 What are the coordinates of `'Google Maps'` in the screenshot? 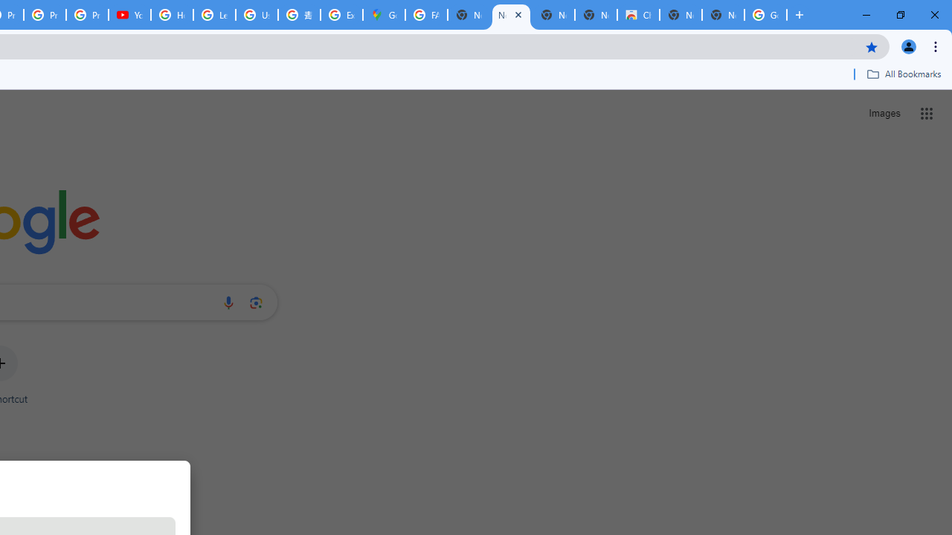 It's located at (384, 15).